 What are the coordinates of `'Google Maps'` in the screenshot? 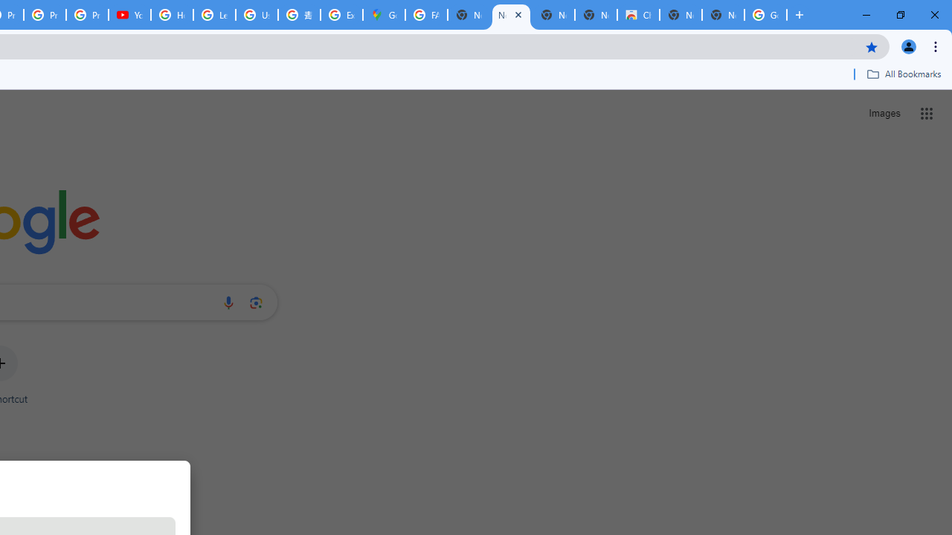 It's located at (384, 15).